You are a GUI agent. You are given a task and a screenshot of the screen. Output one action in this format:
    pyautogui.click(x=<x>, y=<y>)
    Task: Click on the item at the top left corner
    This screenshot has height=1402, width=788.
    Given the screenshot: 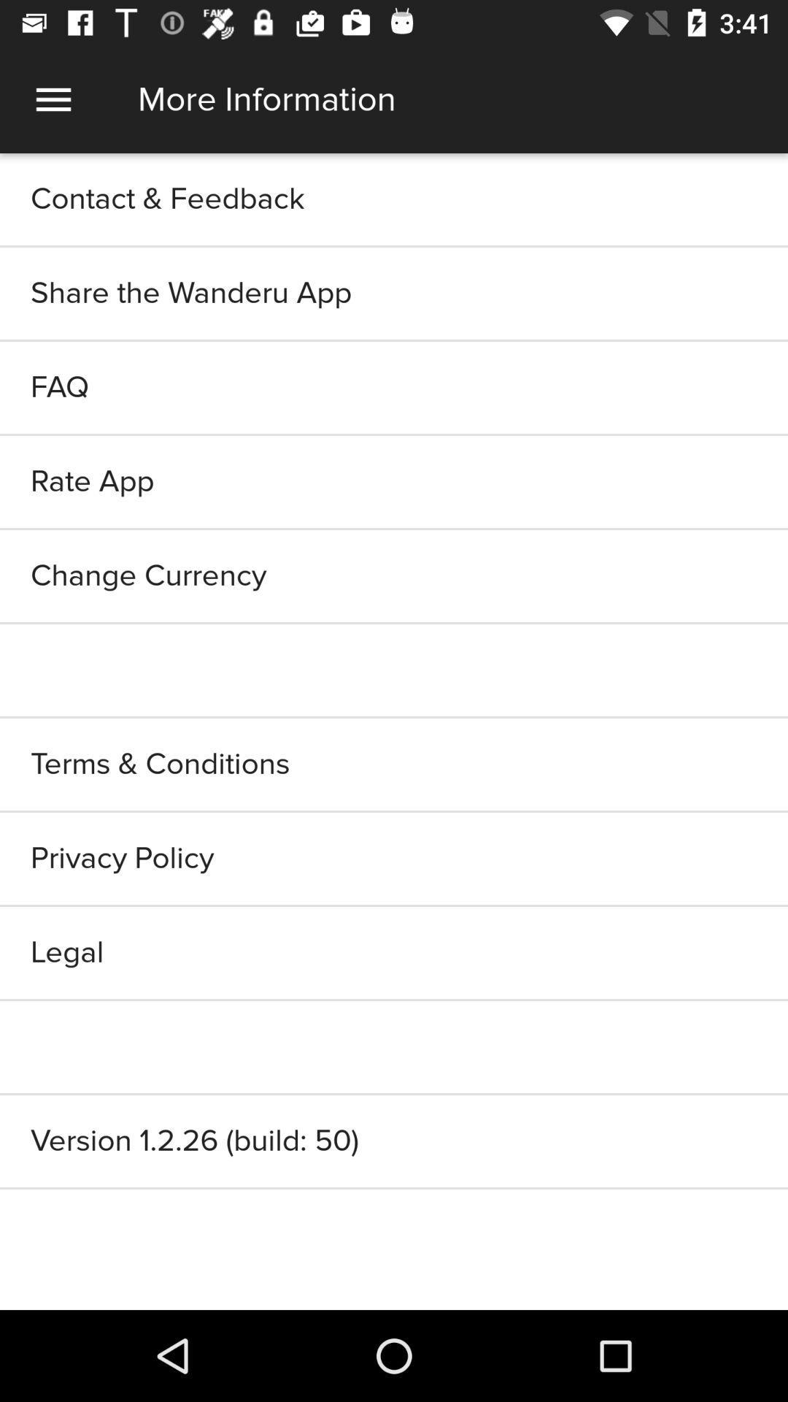 What is the action you would take?
    pyautogui.click(x=53, y=99)
    